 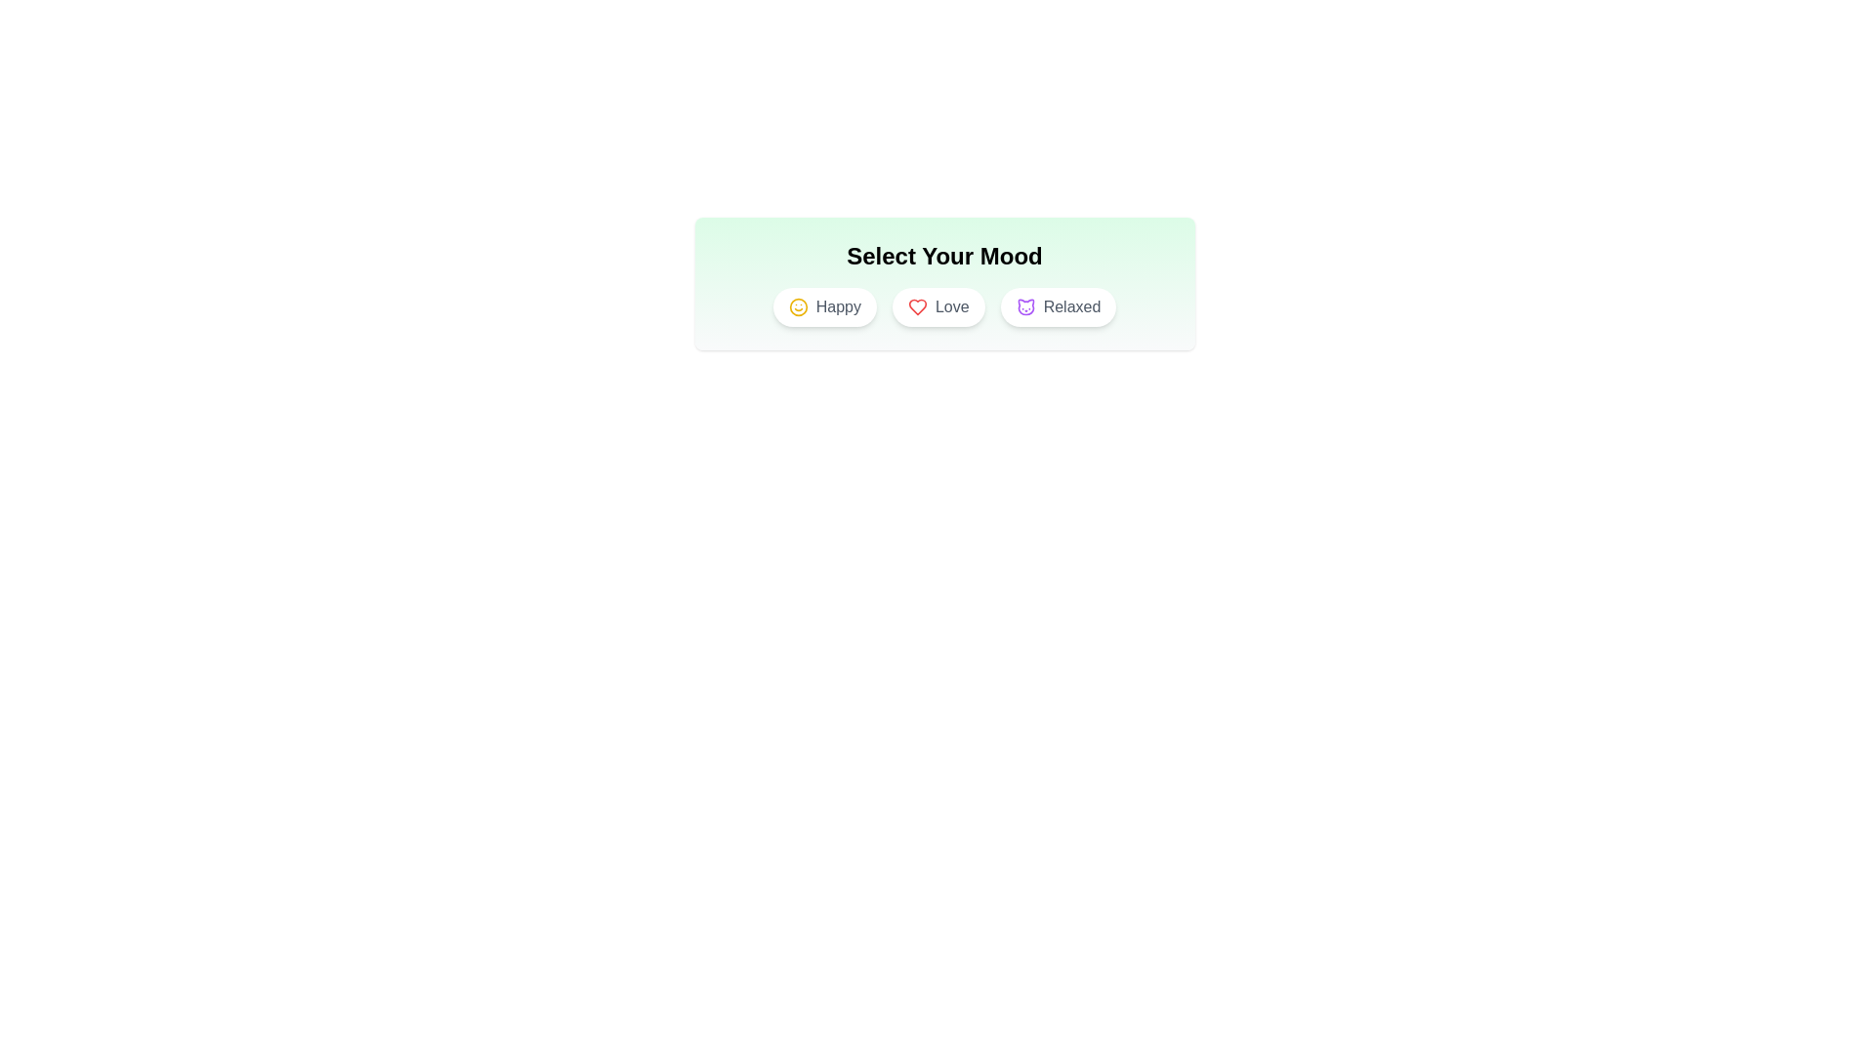 What do you see at coordinates (824, 307) in the screenshot?
I see `the 'Happy' mood option to toggle its state` at bounding box center [824, 307].